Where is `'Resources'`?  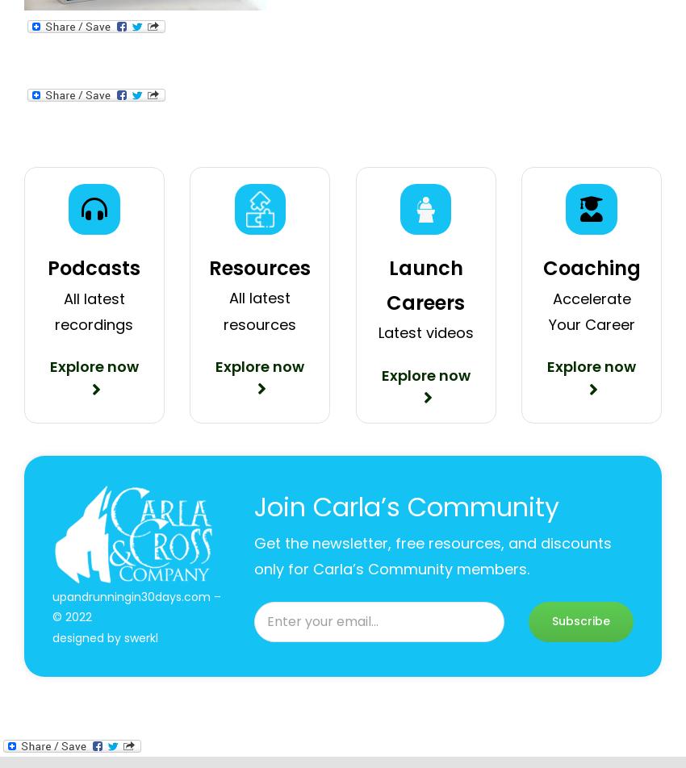 'Resources' is located at coordinates (259, 268).